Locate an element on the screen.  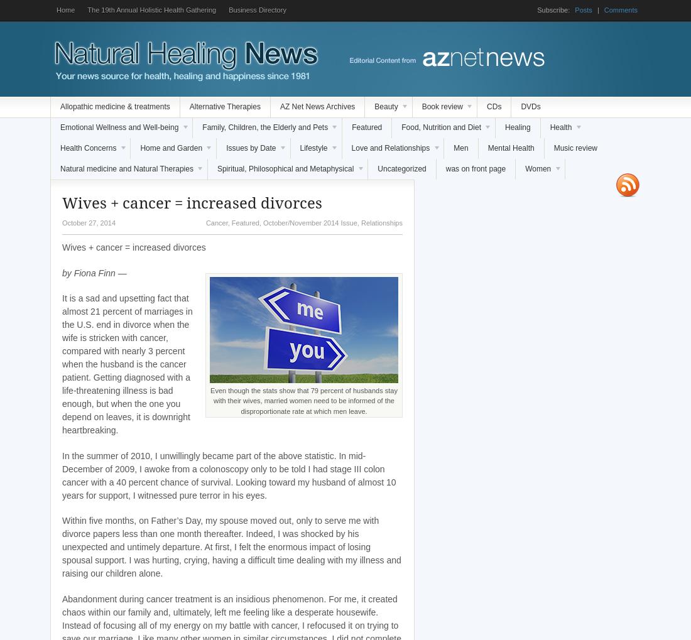
'Allopathic medicine & treatments' is located at coordinates (60, 106).